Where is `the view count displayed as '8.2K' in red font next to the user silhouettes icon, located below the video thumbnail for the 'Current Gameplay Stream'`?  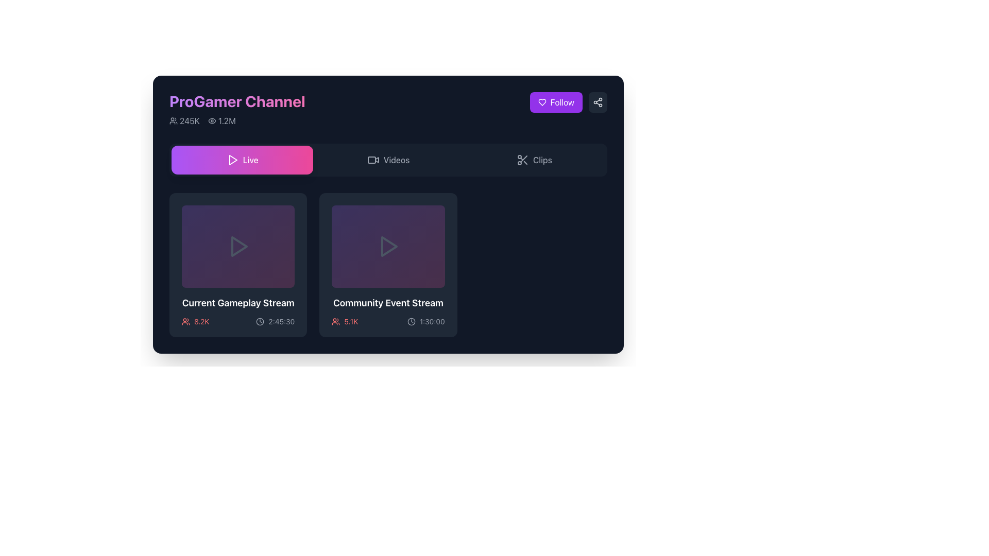
the view count displayed as '8.2K' in red font next to the user silhouettes icon, located below the video thumbnail for the 'Current Gameplay Stream' is located at coordinates (195, 321).